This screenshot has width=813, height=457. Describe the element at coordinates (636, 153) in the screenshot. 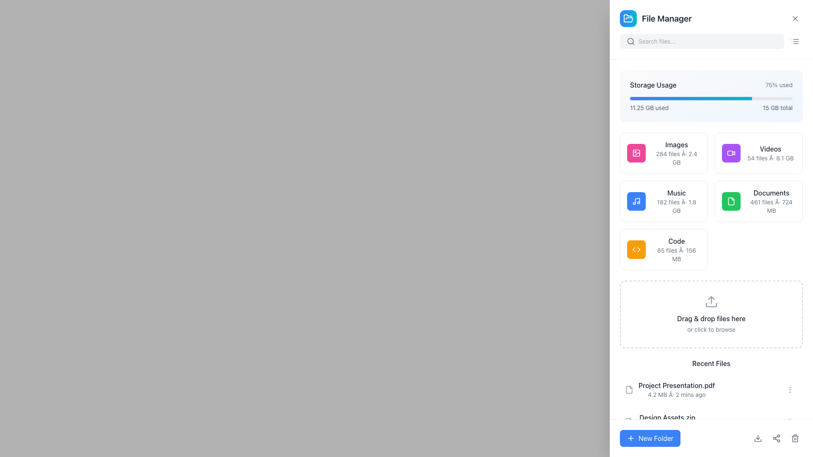

I see `the 'Images' category button in the file manager, located at the top-left corner of the grid under 'Storage Usage'` at that location.